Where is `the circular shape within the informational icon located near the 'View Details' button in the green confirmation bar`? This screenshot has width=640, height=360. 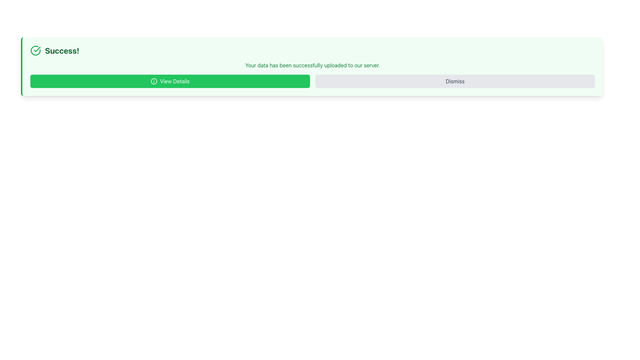
the circular shape within the informational icon located near the 'View Details' button in the green confirmation bar is located at coordinates (154, 81).